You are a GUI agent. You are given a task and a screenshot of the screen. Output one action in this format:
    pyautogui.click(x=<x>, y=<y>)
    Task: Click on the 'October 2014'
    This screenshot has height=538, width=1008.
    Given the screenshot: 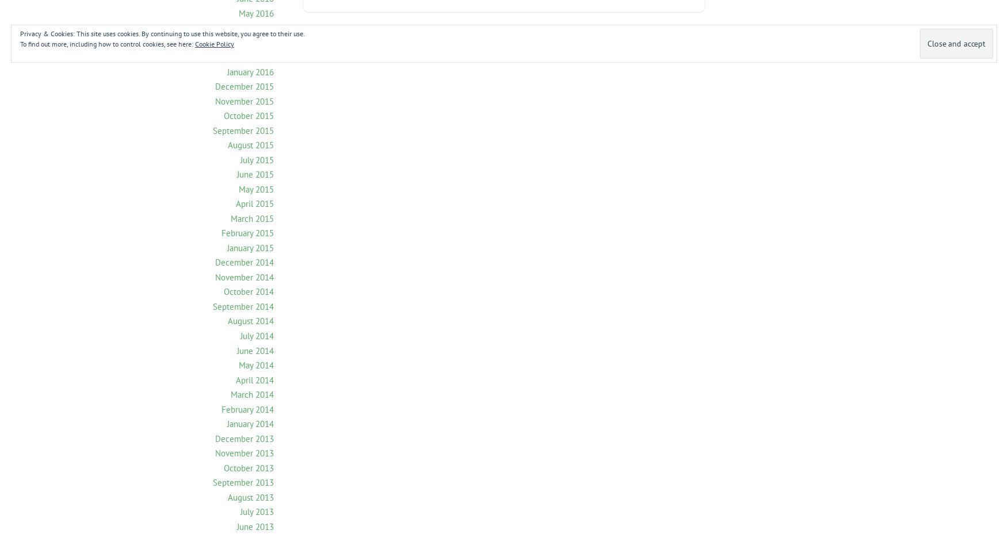 What is the action you would take?
    pyautogui.click(x=248, y=291)
    